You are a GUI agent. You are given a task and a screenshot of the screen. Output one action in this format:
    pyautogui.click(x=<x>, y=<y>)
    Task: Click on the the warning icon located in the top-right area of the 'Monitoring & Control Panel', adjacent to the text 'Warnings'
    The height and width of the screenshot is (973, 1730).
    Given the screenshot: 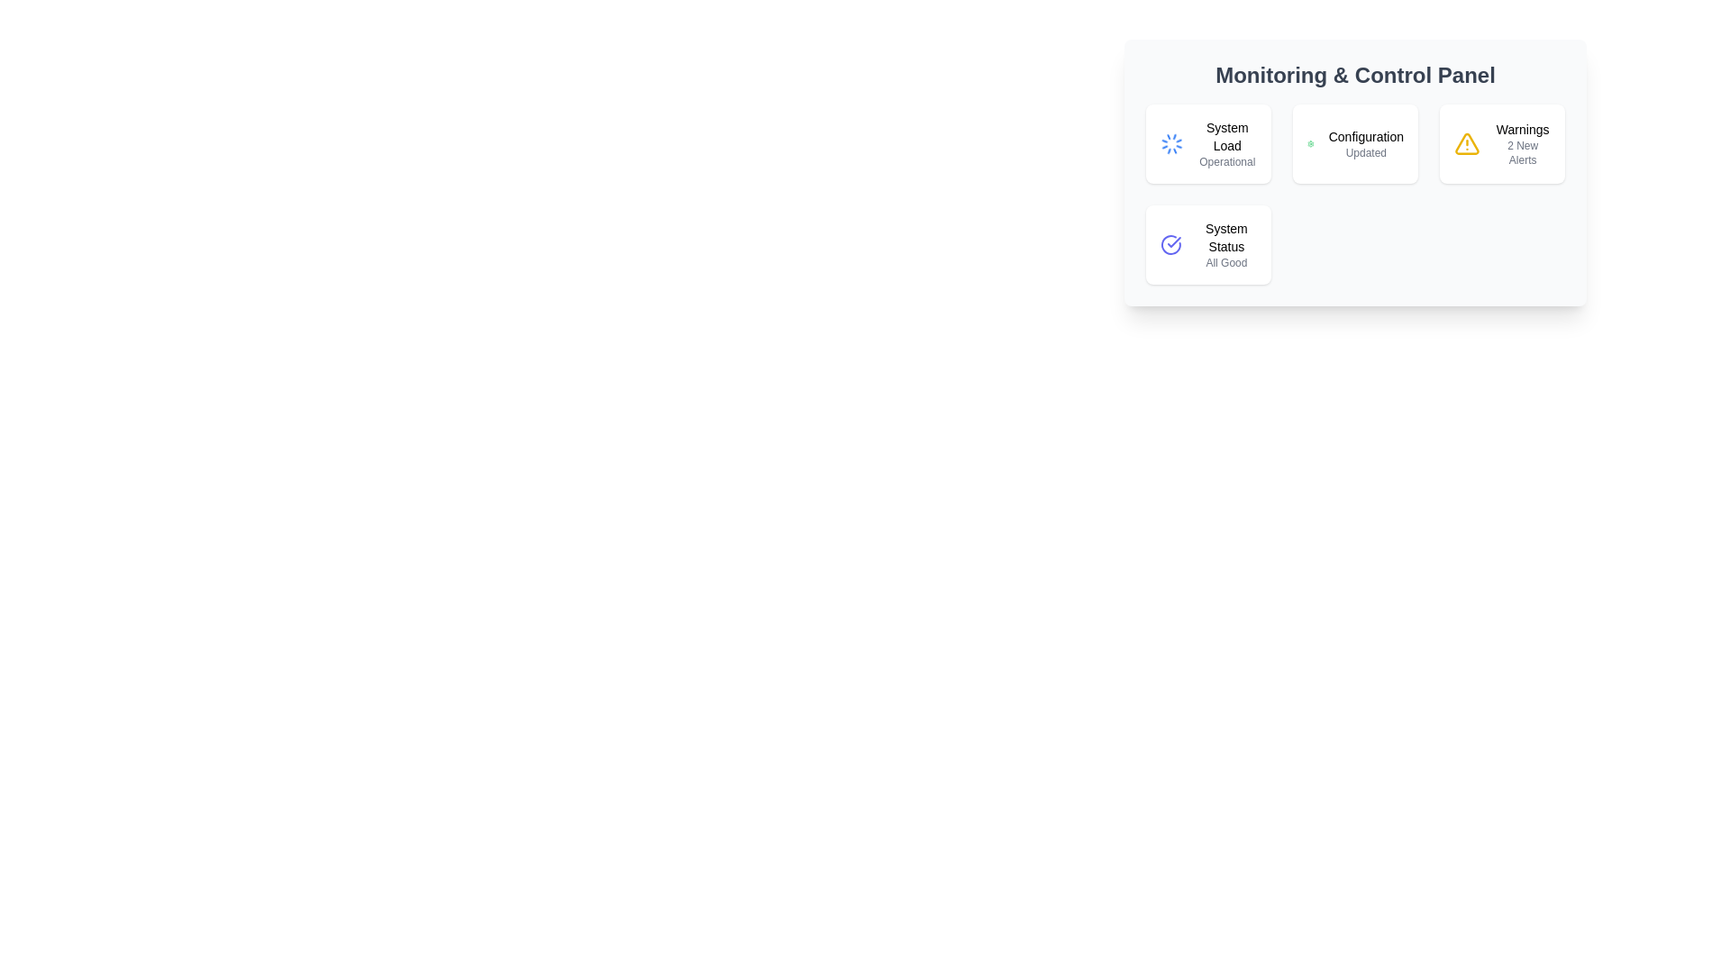 What is the action you would take?
    pyautogui.click(x=1467, y=142)
    